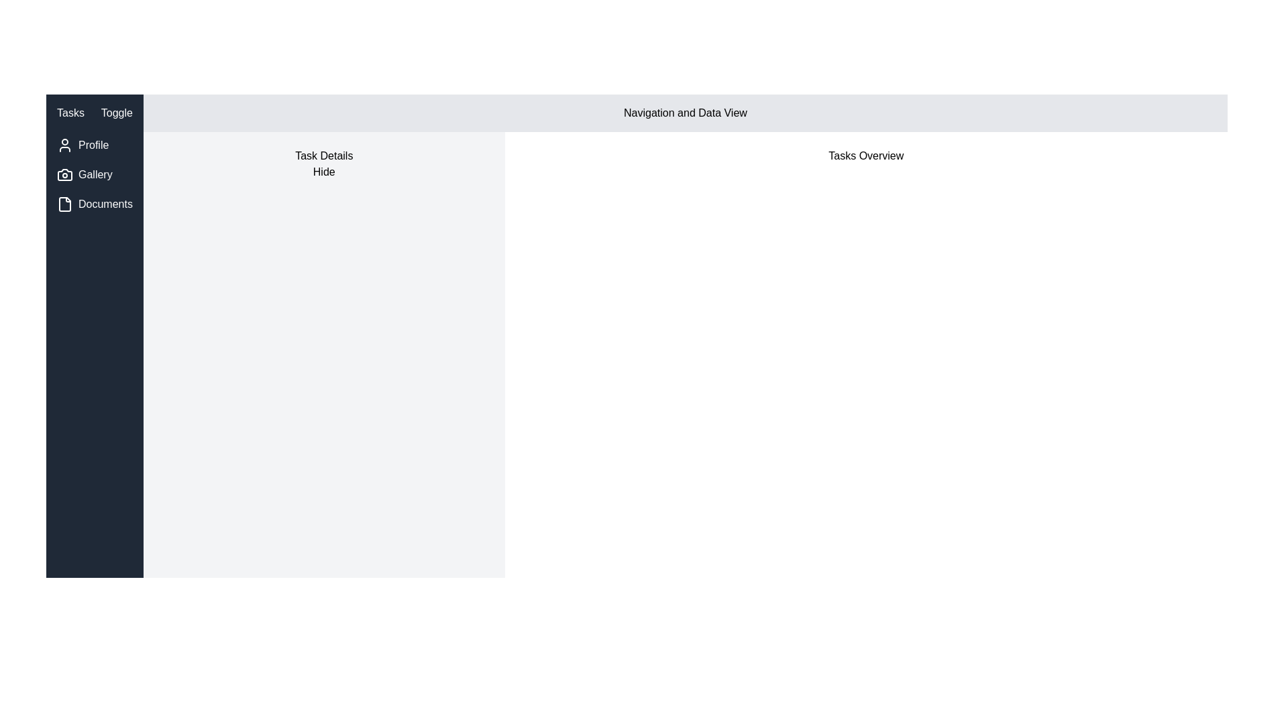 The image size is (1288, 724). Describe the element at coordinates (64, 204) in the screenshot. I see `the 'Documents' icon in the vertical navigation panel` at that location.